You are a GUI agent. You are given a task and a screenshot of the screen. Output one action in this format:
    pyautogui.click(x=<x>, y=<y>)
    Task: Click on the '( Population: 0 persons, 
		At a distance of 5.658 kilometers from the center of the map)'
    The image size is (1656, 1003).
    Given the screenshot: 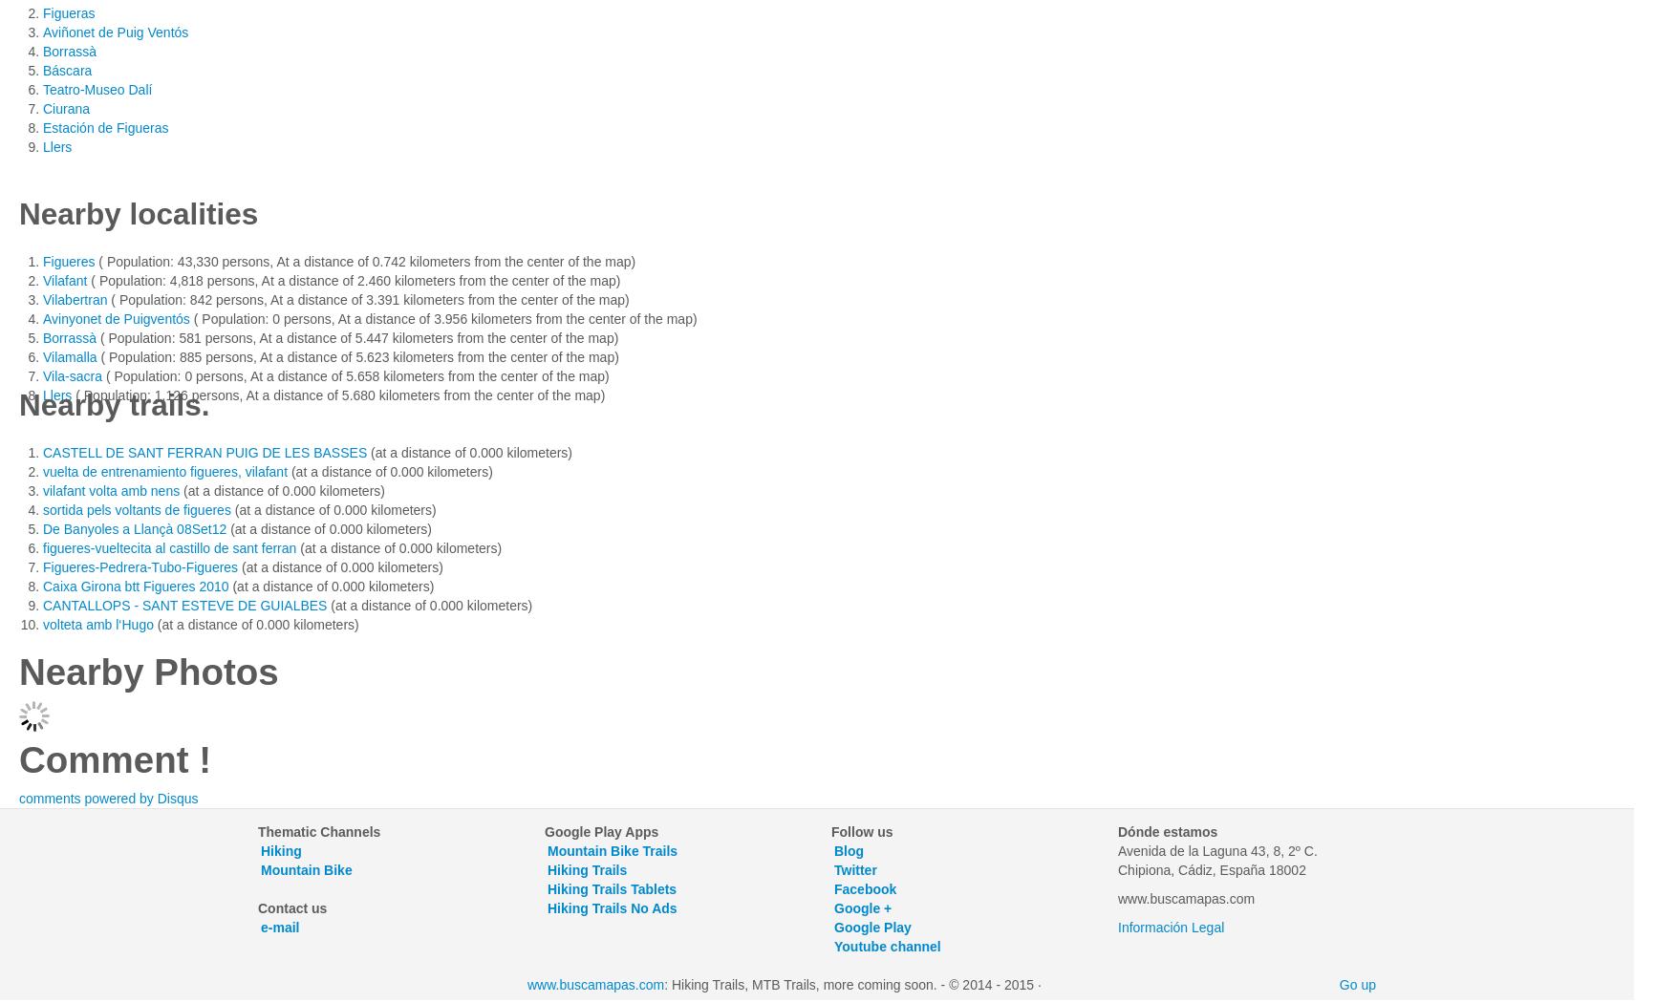 What is the action you would take?
    pyautogui.click(x=355, y=375)
    